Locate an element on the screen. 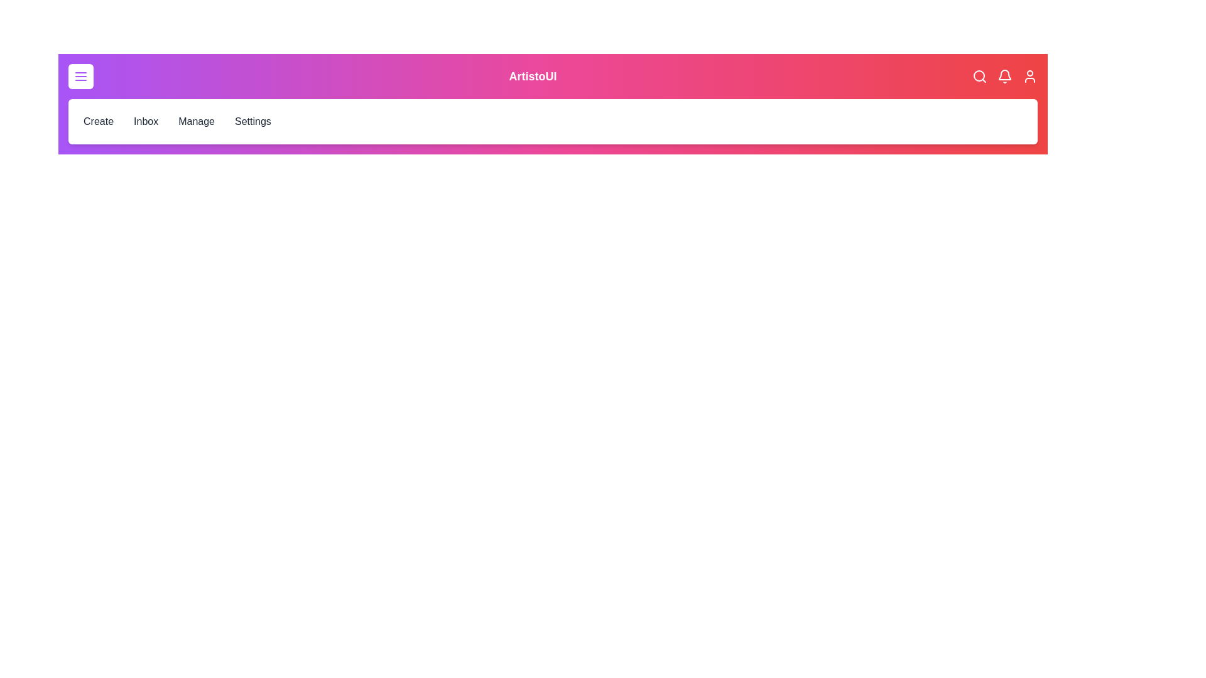 The image size is (1206, 678). the Search icon in the ArtisticAppBar is located at coordinates (979, 77).